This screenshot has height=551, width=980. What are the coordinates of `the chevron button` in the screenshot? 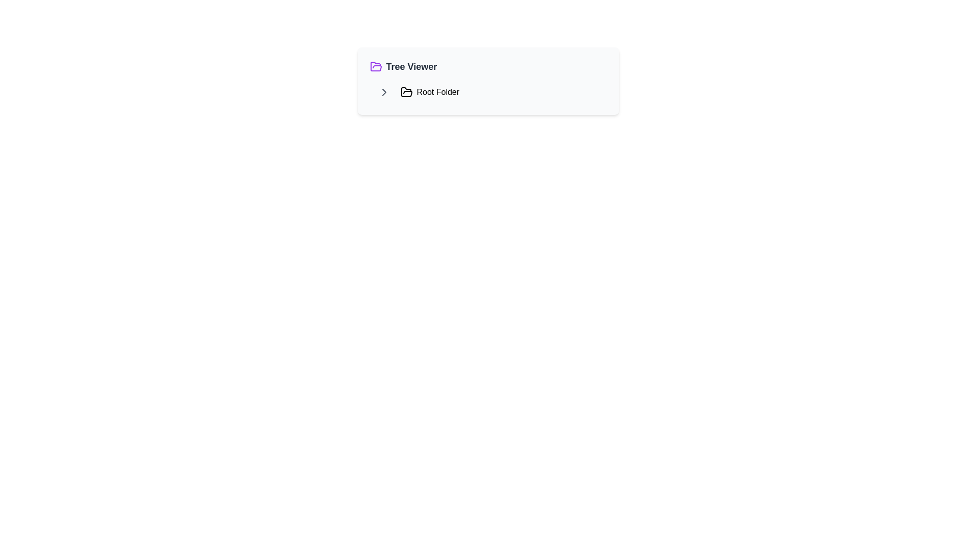 It's located at (383, 92).